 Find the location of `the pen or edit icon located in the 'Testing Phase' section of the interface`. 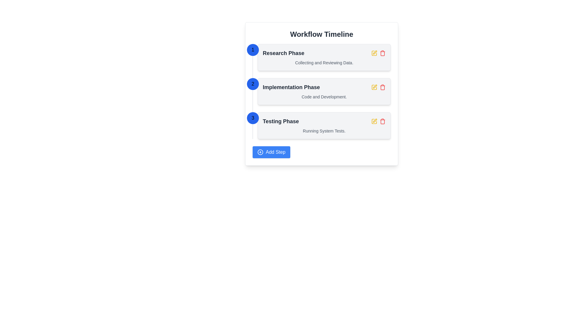

the pen or edit icon located in the 'Testing Phase' section of the interface is located at coordinates (375, 121).